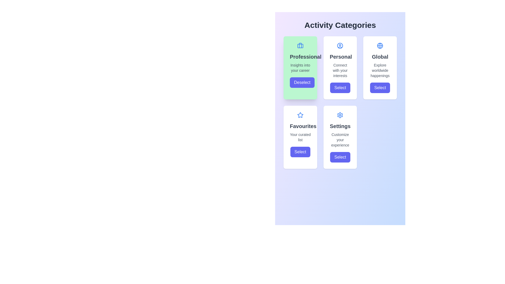  I want to click on the text label reading 'Explore worldwide happenings' that is styled in a gray, small font, located in the 'Global' category card, below the title 'Global' and above the 'Select' button, so click(380, 70).